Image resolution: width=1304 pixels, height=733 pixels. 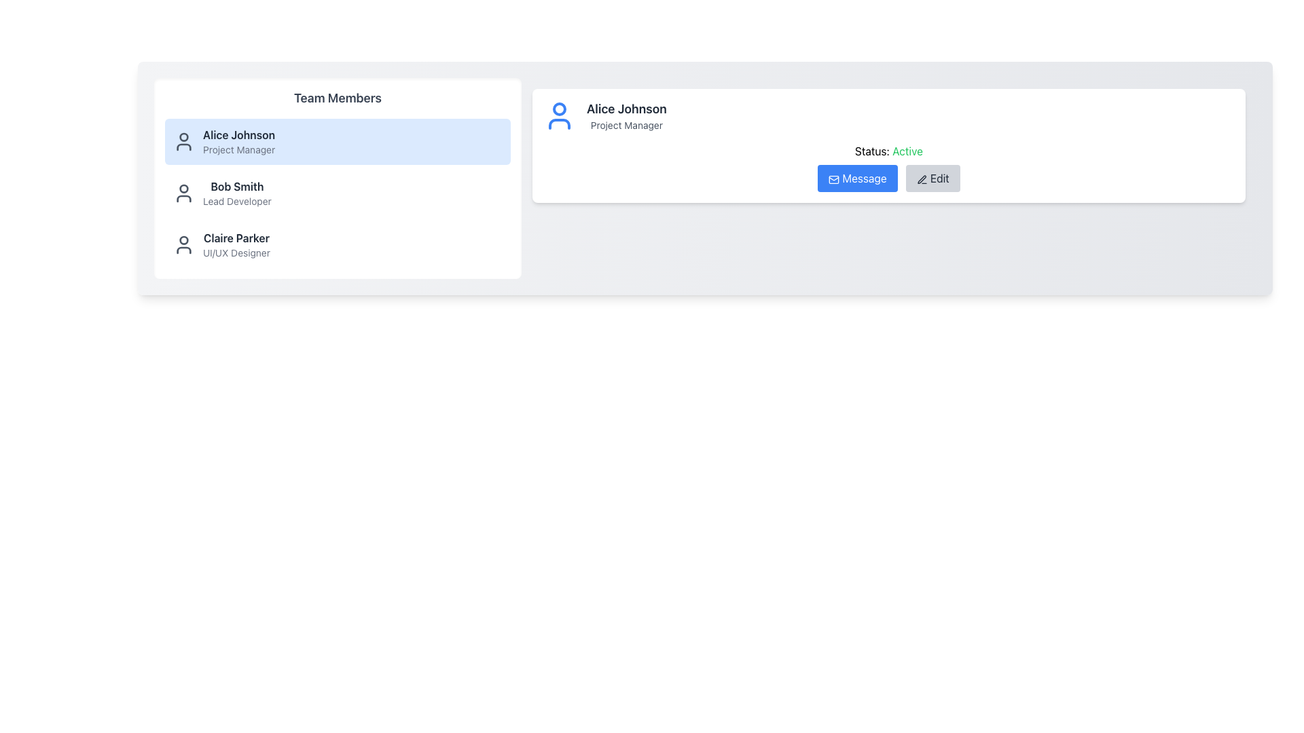 I want to click on the SVG circle element which visually represents a user component adjacent to the text 'Alice Johnson' in the team members list, so click(x=183, y=136).